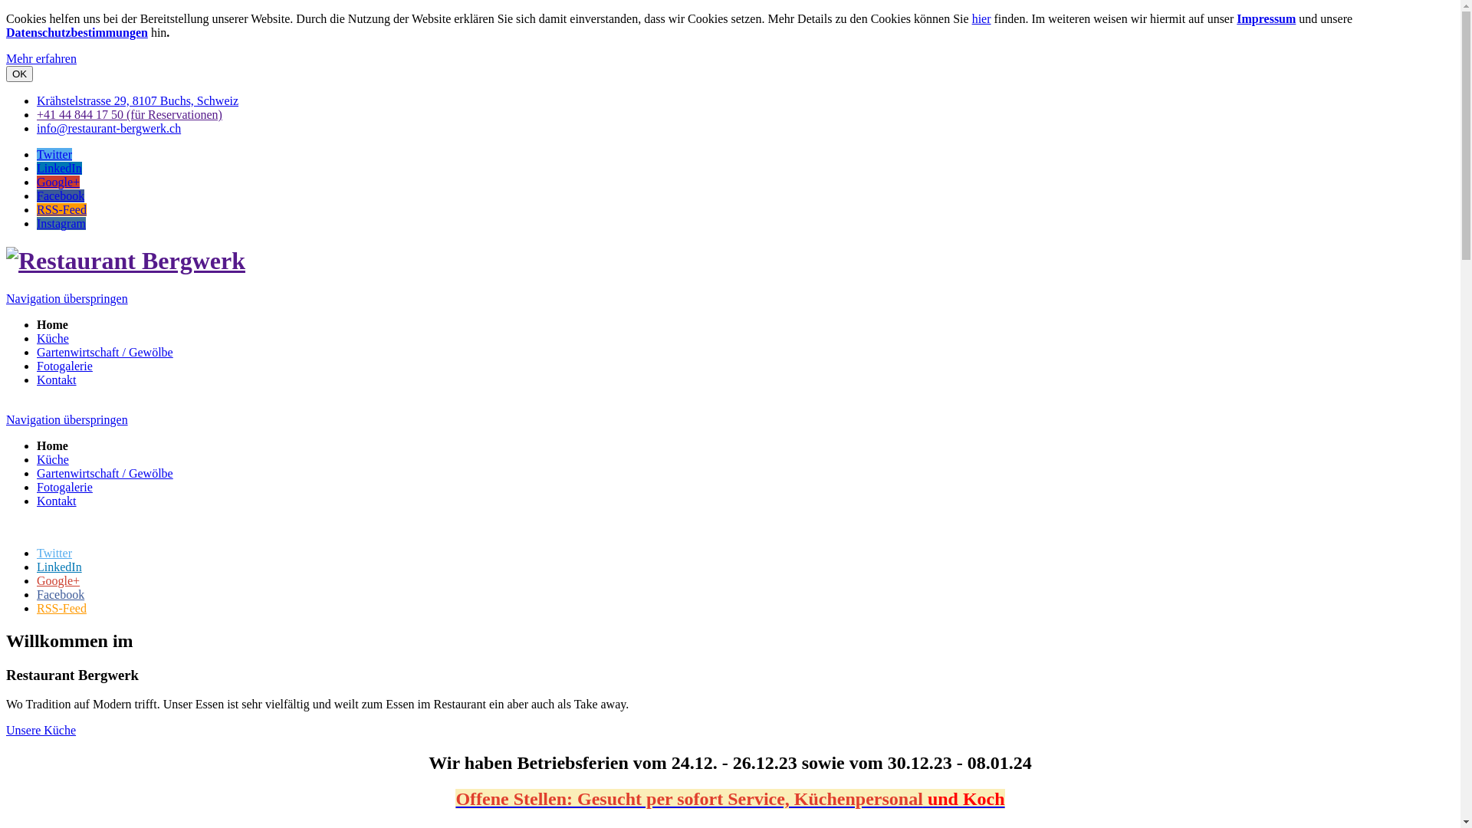  Describe the element at coordinates (108, 127) in the screenshot. I see `'info@restaurant-bergwerk.ch'` at that location.